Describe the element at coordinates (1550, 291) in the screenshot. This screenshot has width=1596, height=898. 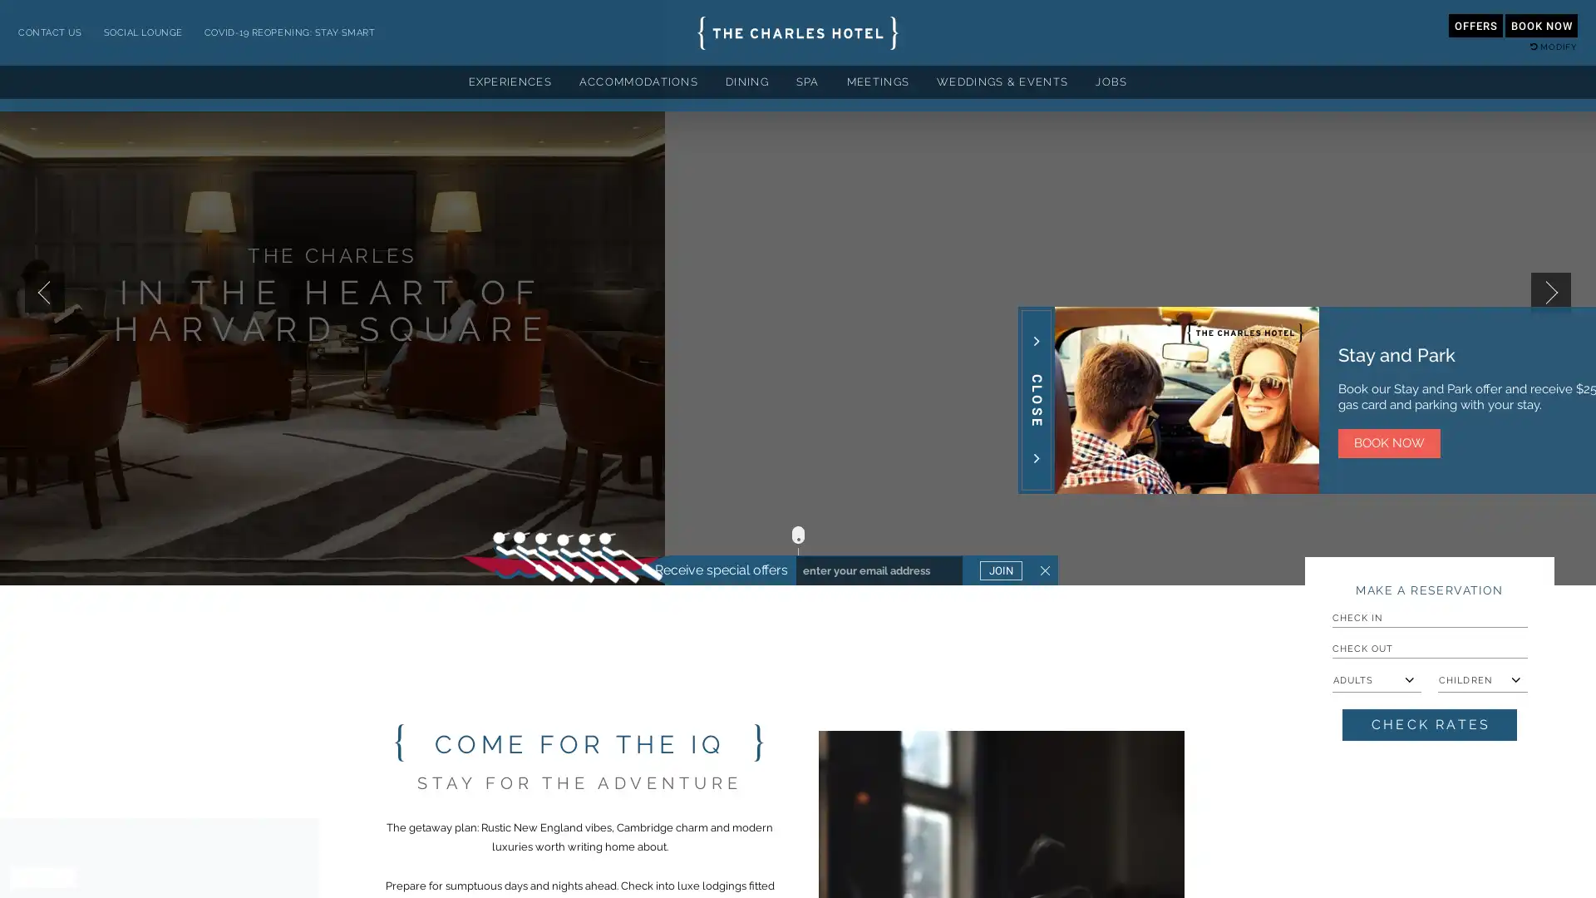
I see `Next` at that location.